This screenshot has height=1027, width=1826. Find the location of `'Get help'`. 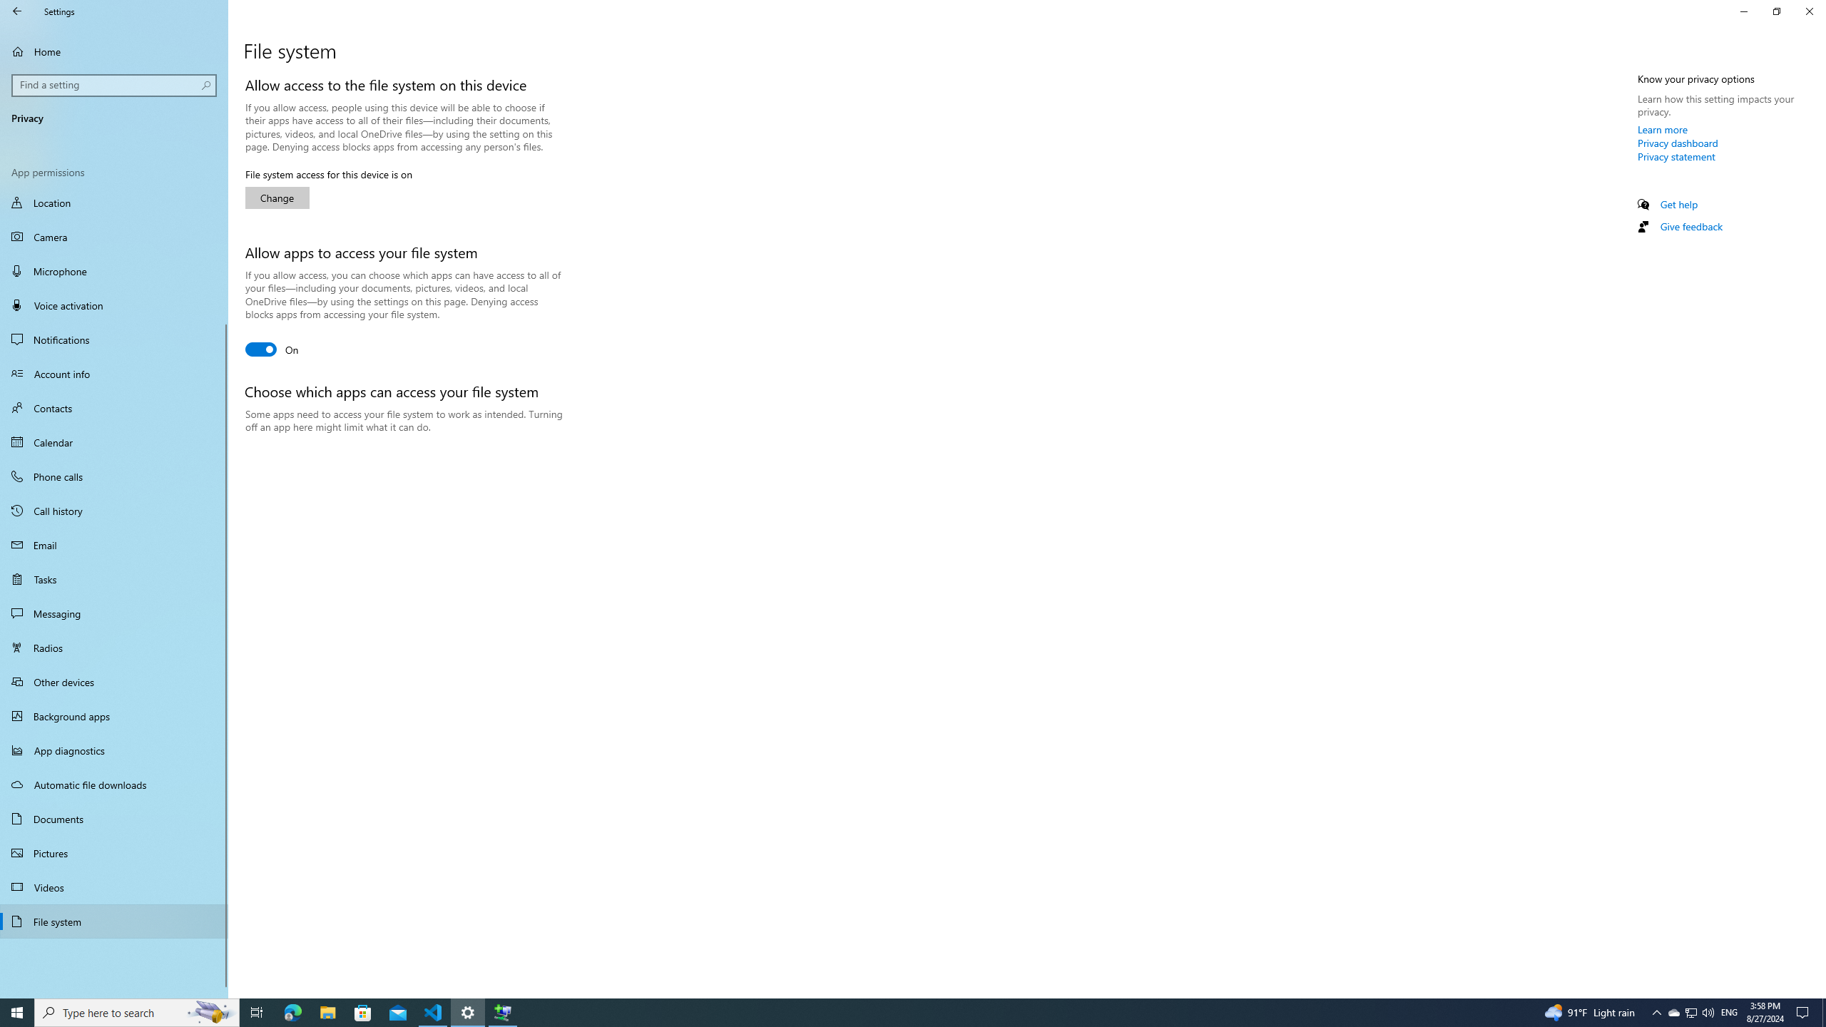

'Get help' is located at coordinates (1678, 204).